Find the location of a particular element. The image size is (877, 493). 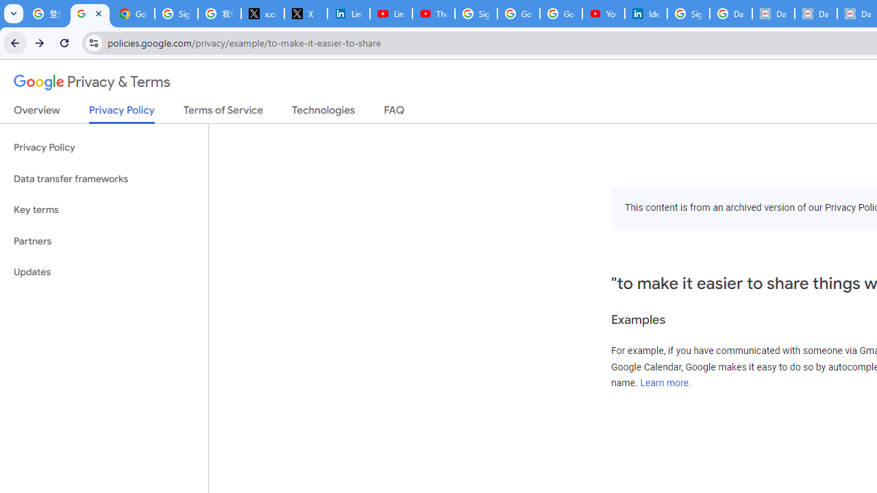

'Data Privacy Framework' is located at coordinates (773, 14).